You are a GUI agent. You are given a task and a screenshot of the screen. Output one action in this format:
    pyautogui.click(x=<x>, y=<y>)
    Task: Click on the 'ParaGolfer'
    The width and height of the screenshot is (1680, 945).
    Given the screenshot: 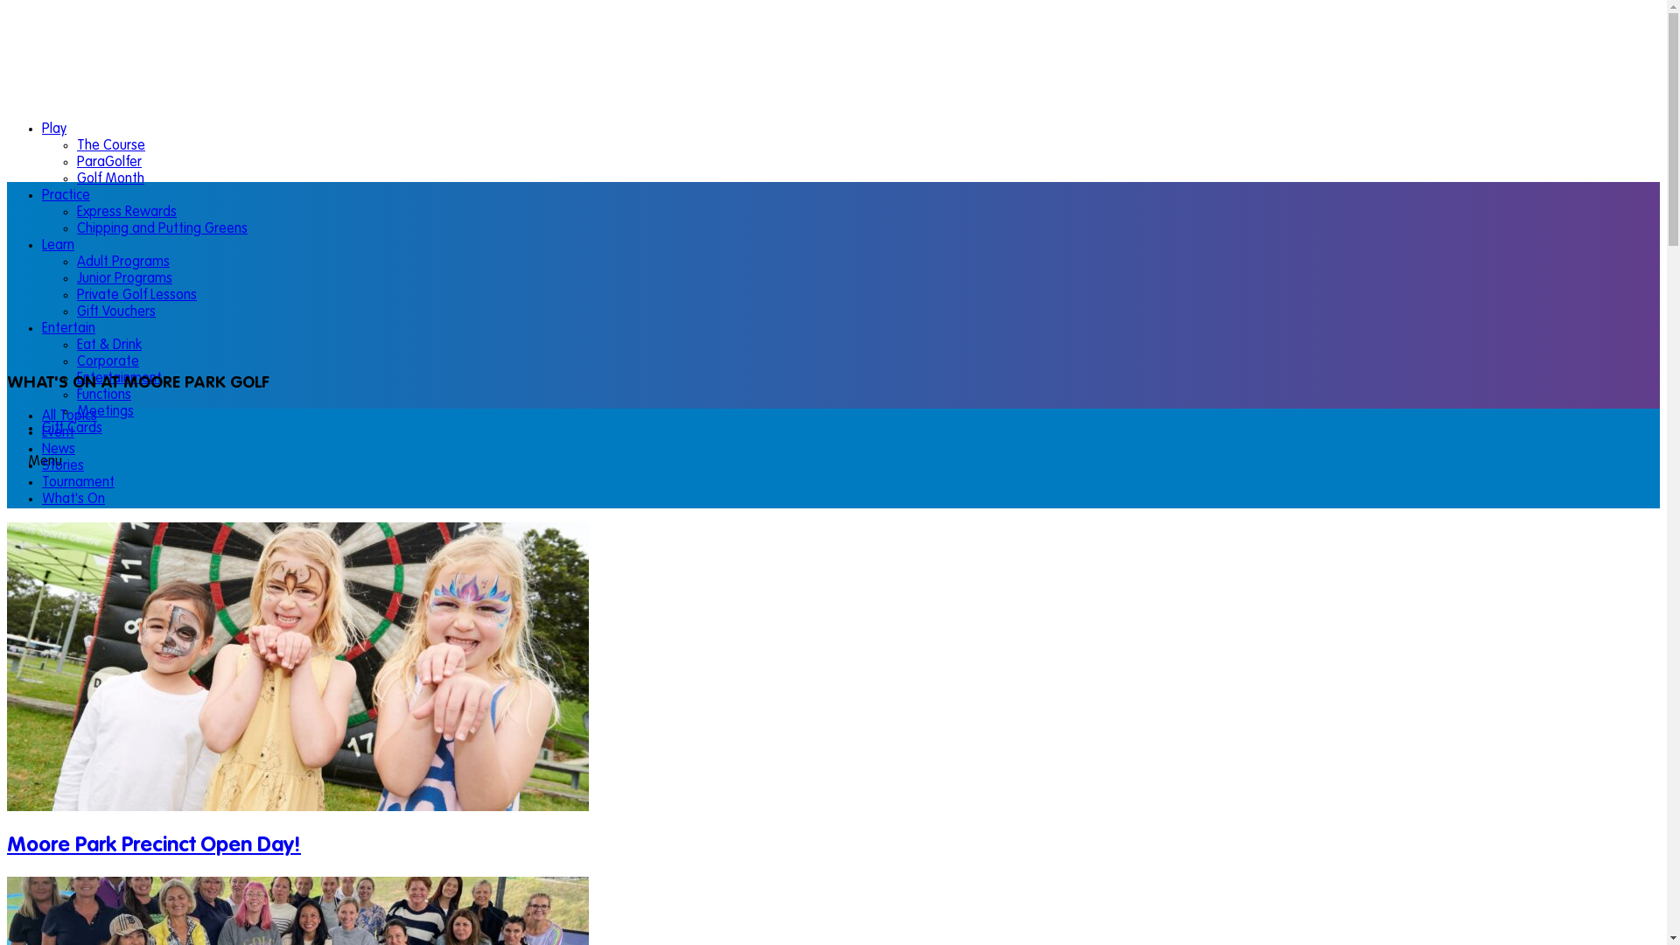 What is the action you would take?
    pyautogui.click(x=75, y=162)
    